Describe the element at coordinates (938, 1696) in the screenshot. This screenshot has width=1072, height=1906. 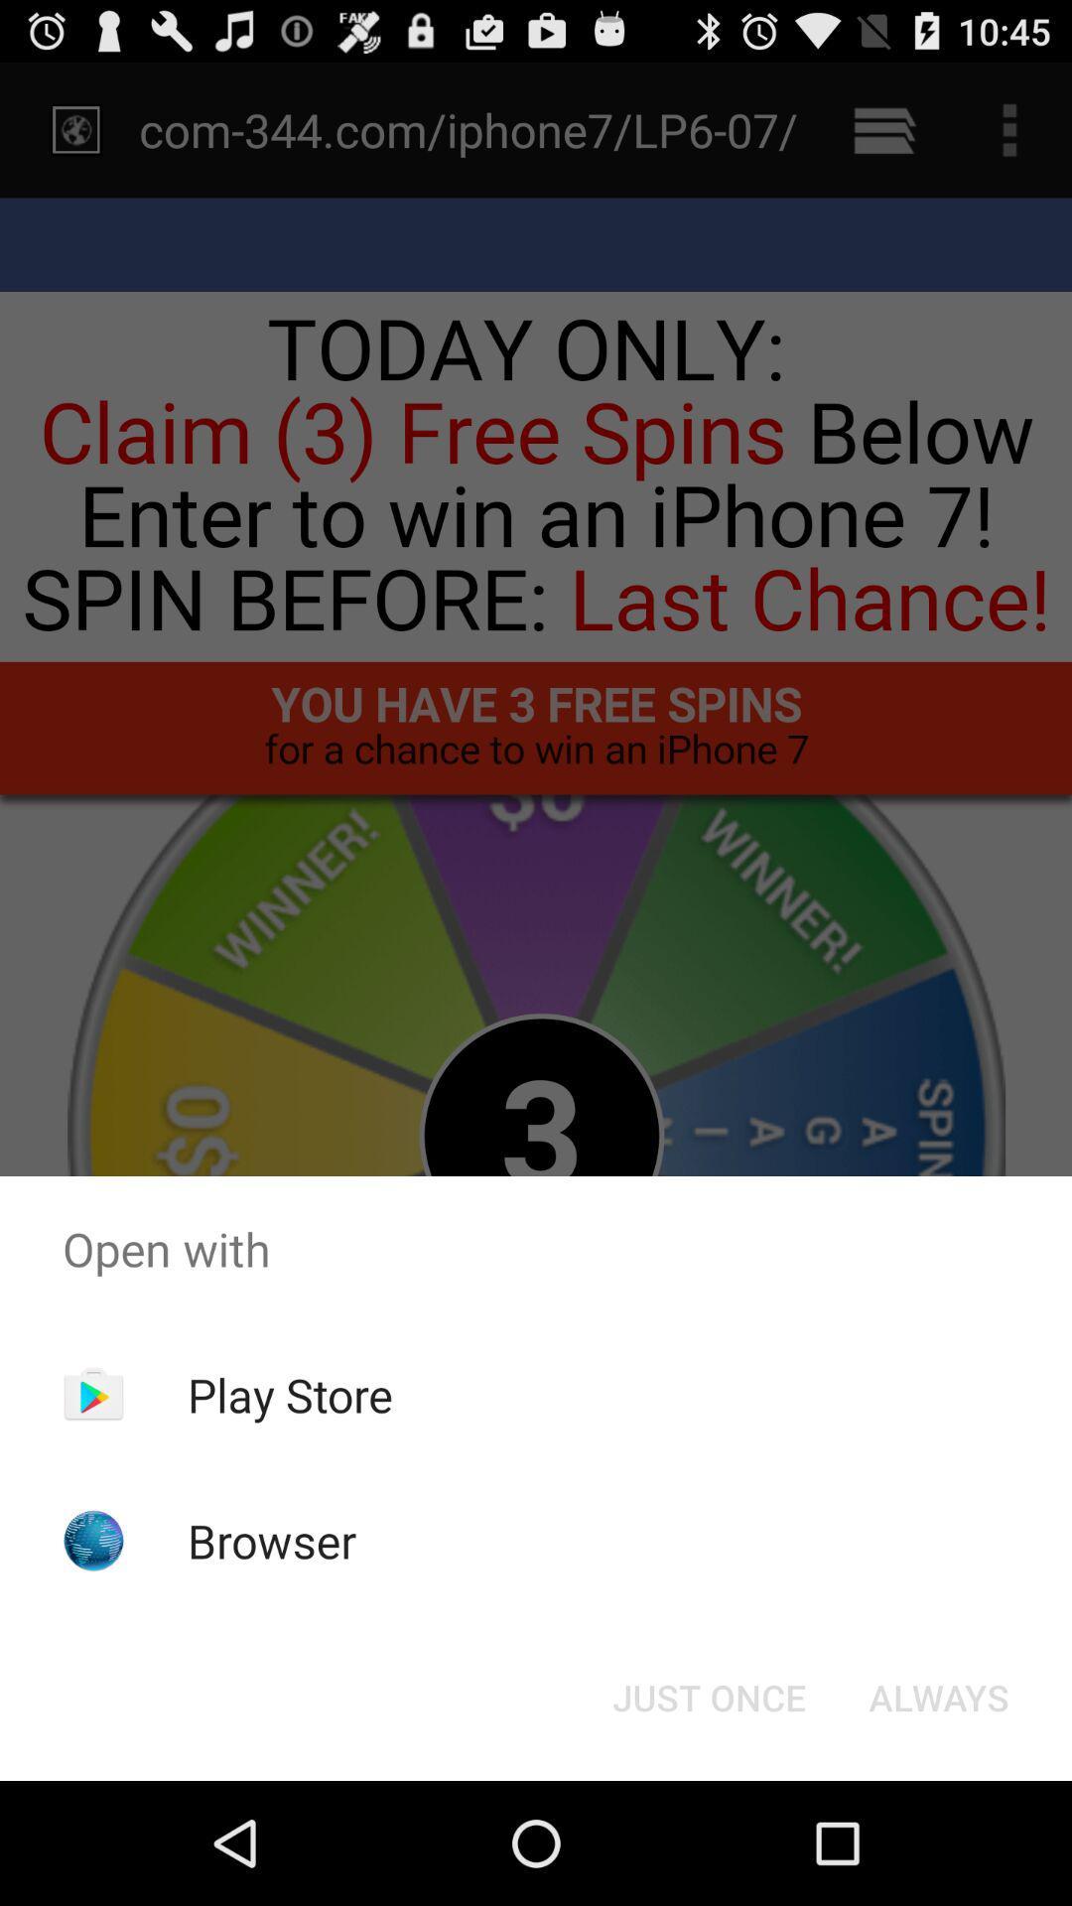
I see `button next to just once icon` at that location.